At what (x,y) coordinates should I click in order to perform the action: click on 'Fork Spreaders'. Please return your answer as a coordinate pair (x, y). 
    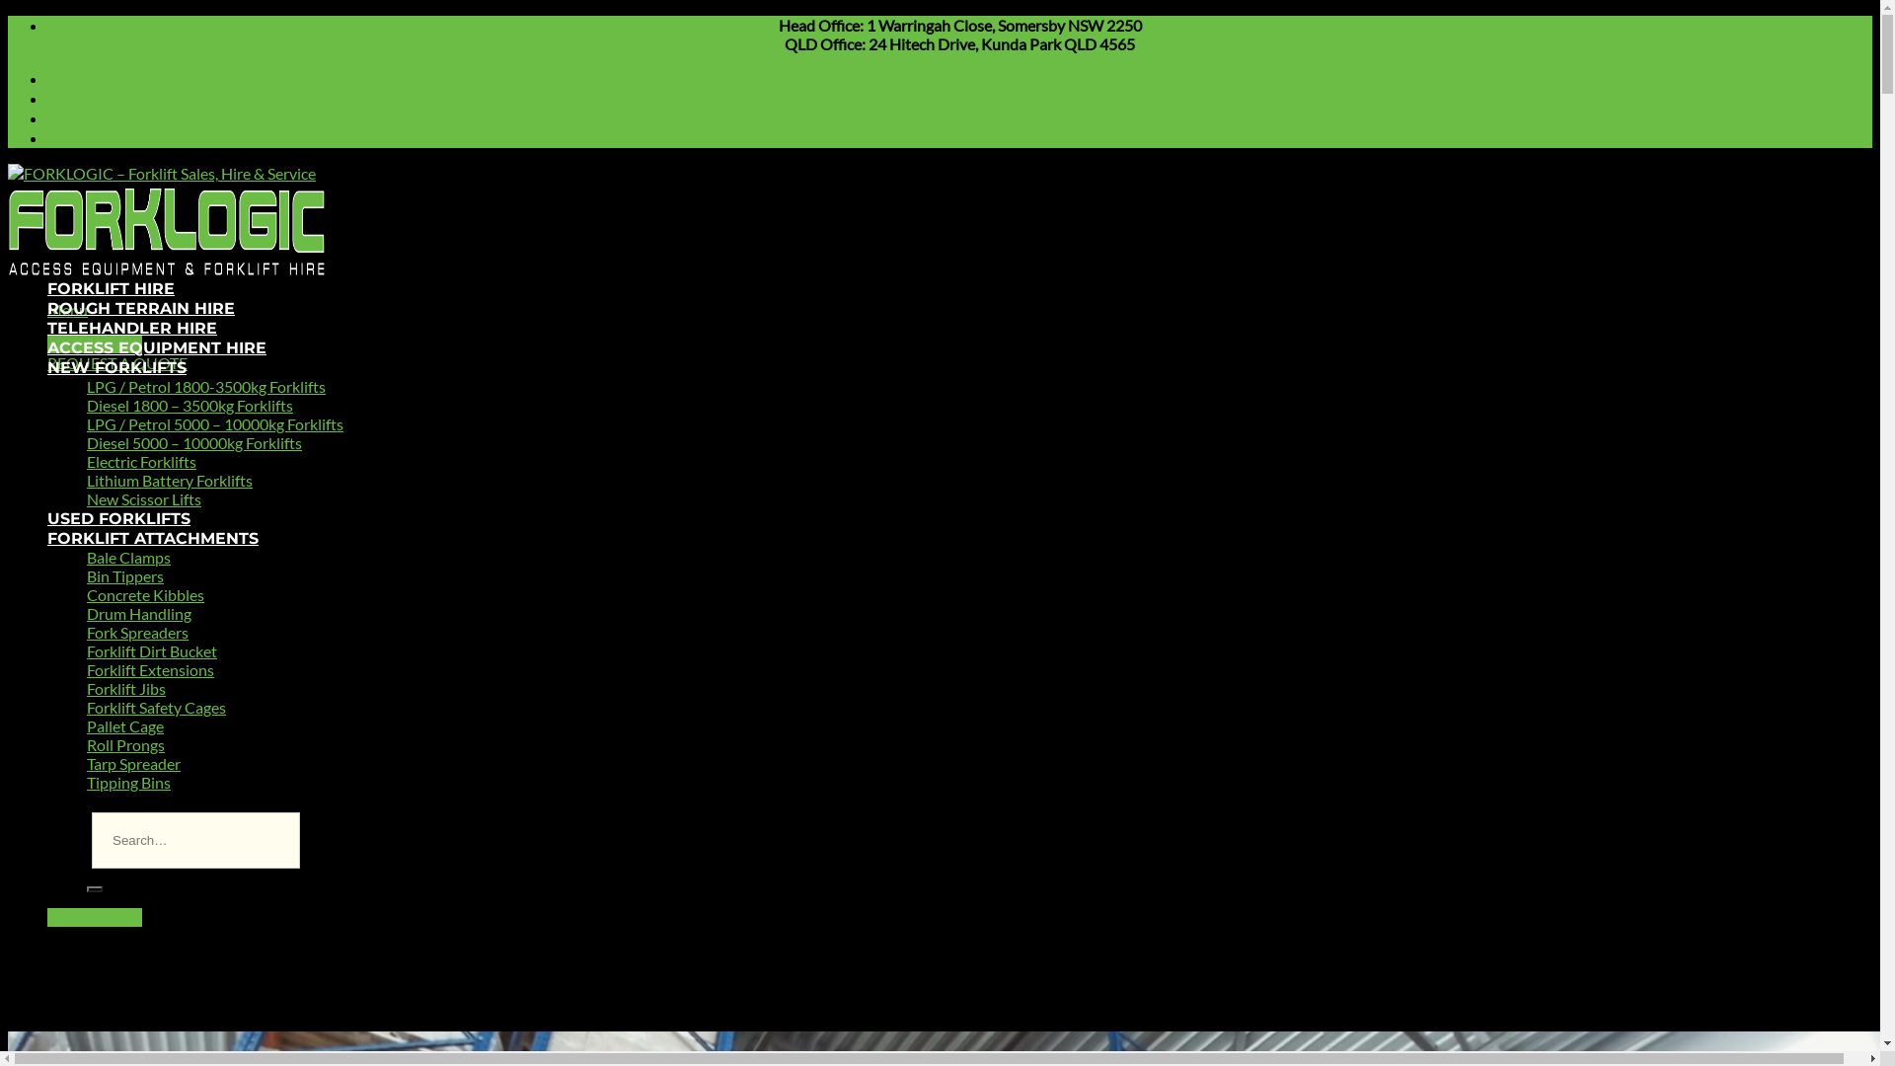
    Looking at the image, I should click on (136, 632).